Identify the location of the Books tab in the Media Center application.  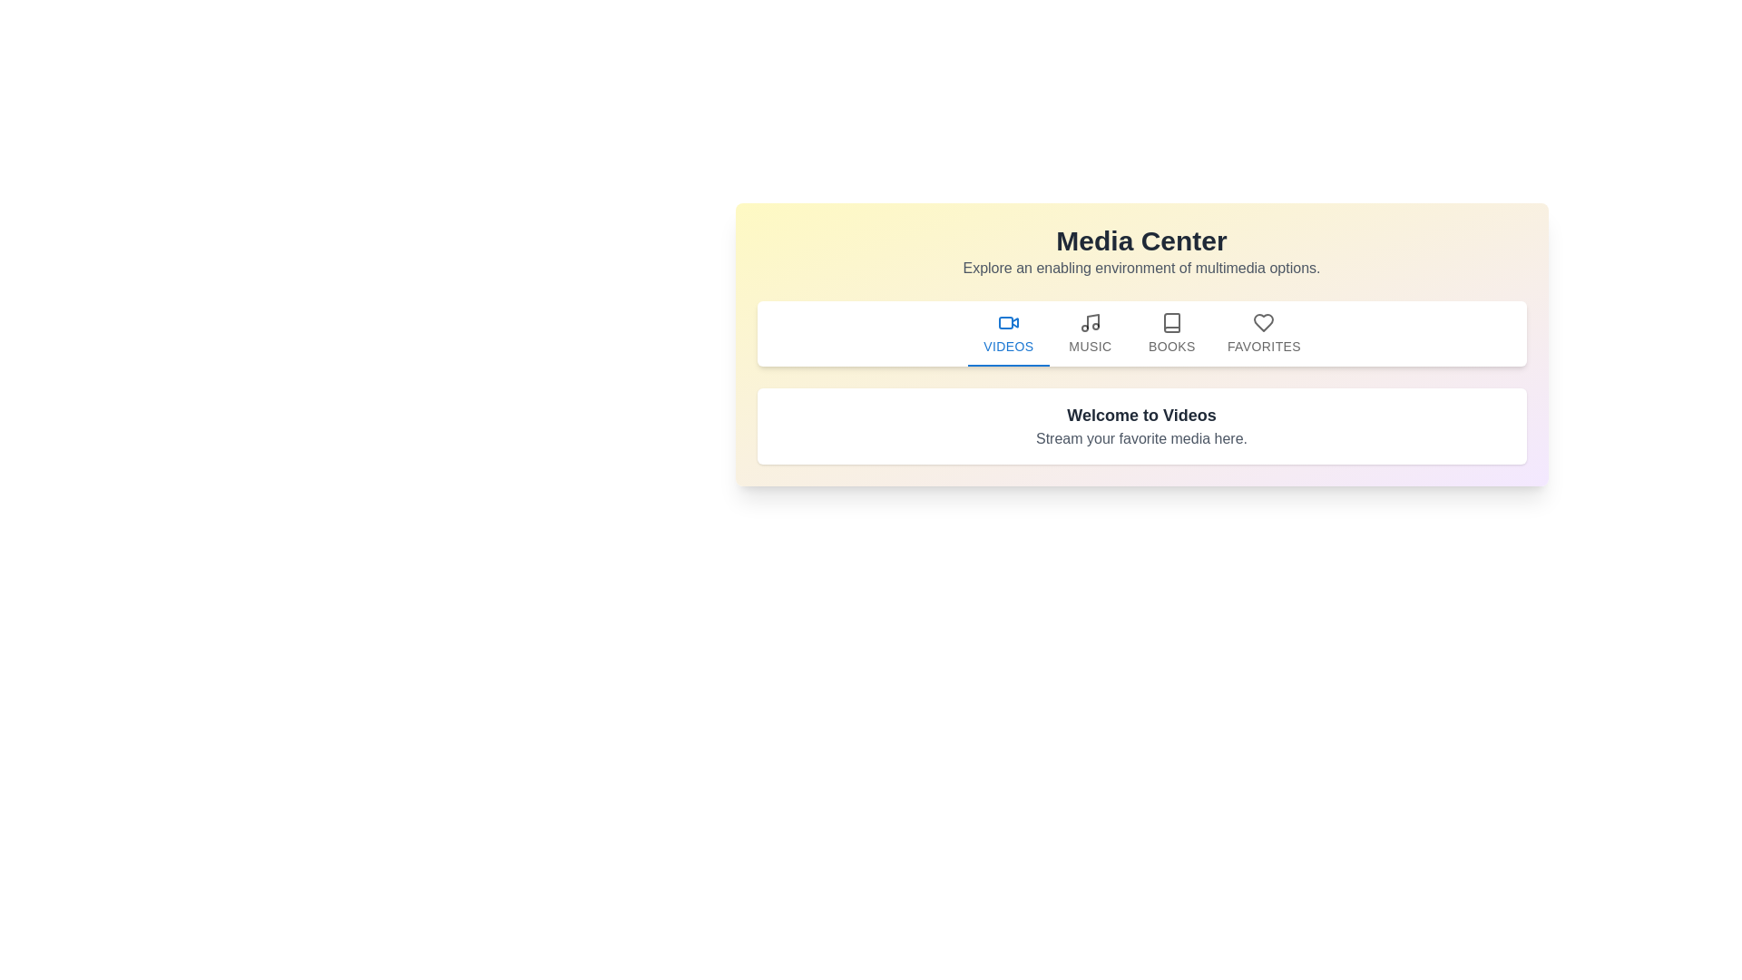
(1171, 333).